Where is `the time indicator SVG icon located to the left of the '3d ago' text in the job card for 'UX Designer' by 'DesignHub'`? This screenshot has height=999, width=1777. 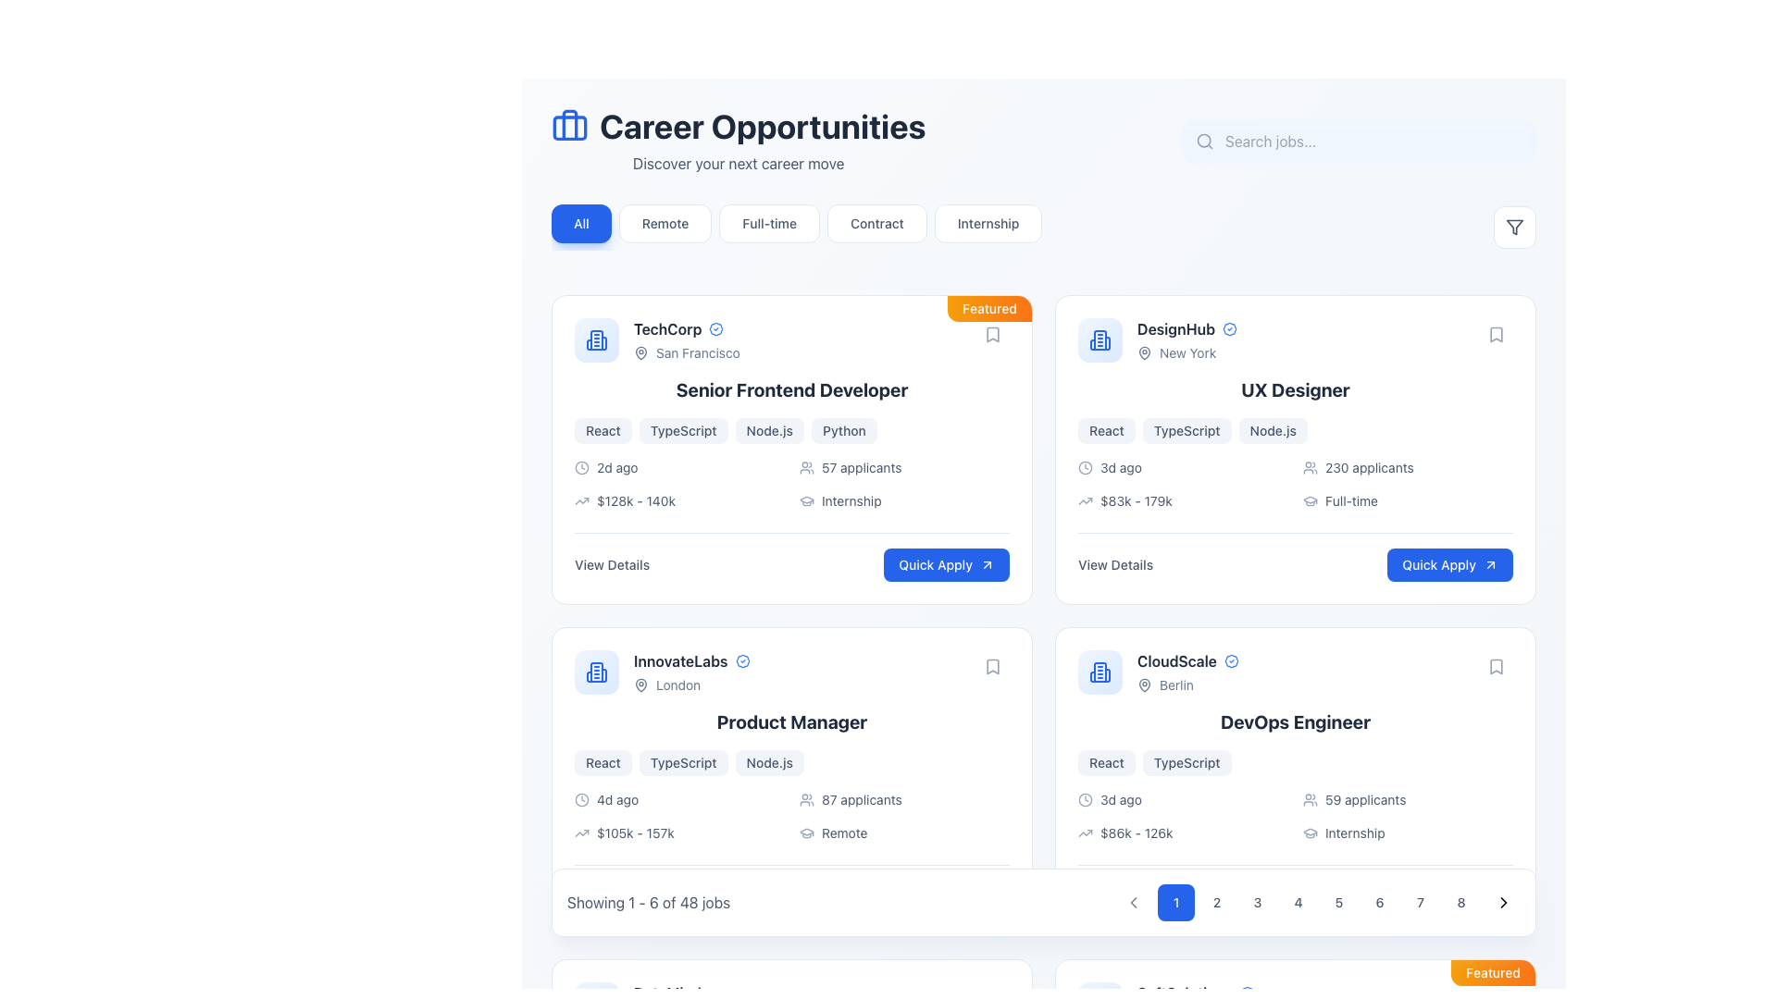 the time indicator SVG icon located to the left of the '3d ago' text in the job card for 'UX Designer' by 'DesignHub' is located at coordinates (1085, 466).